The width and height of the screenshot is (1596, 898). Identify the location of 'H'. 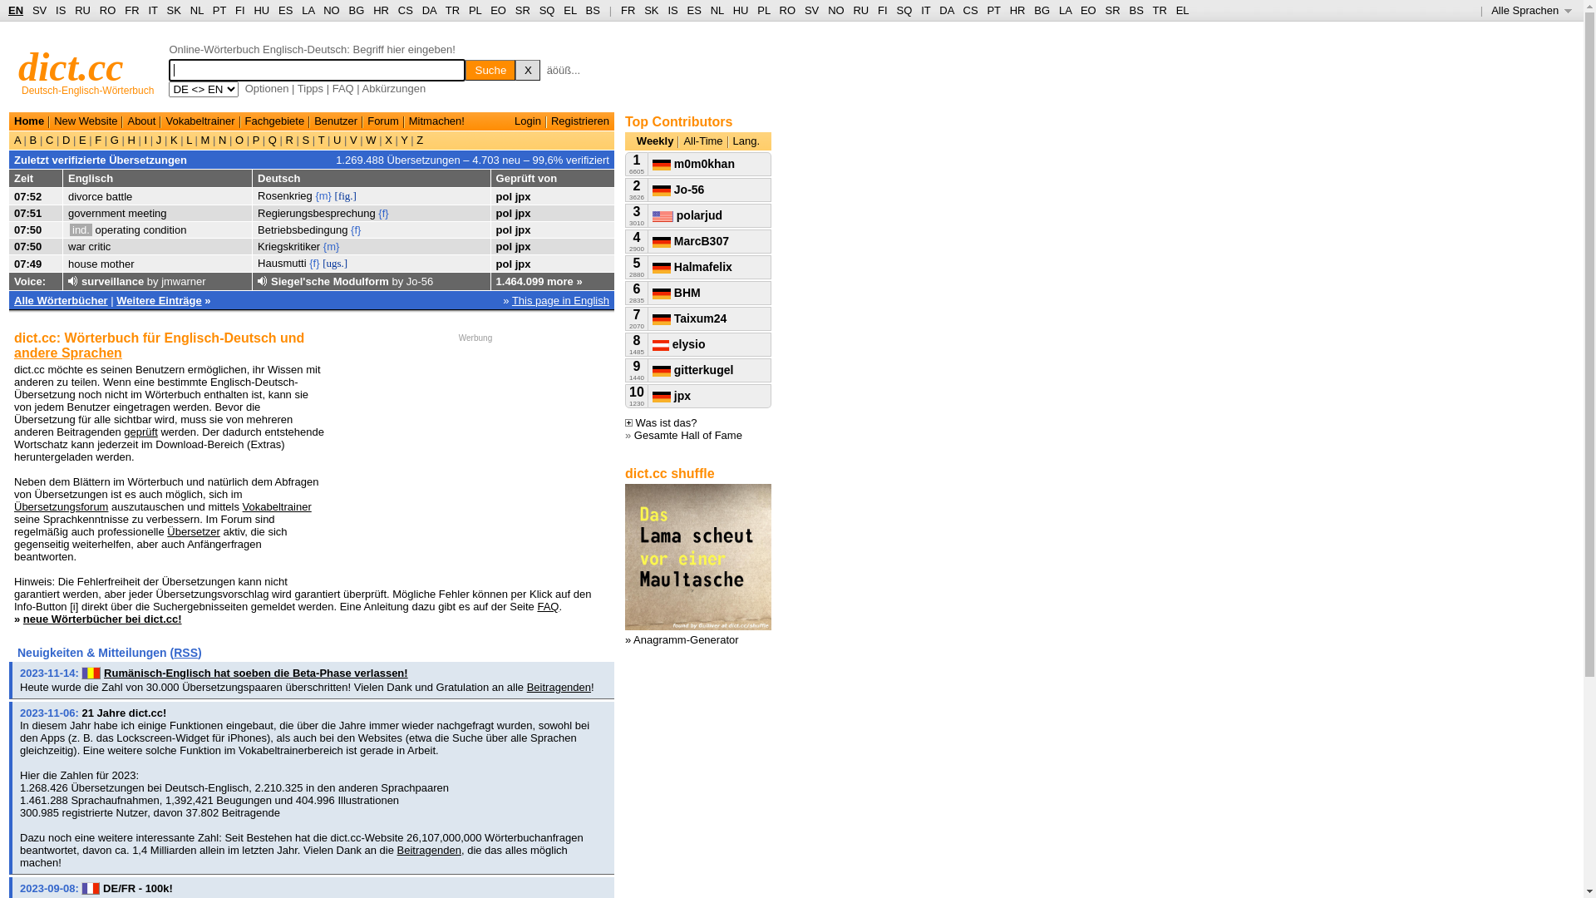
(131, 139).